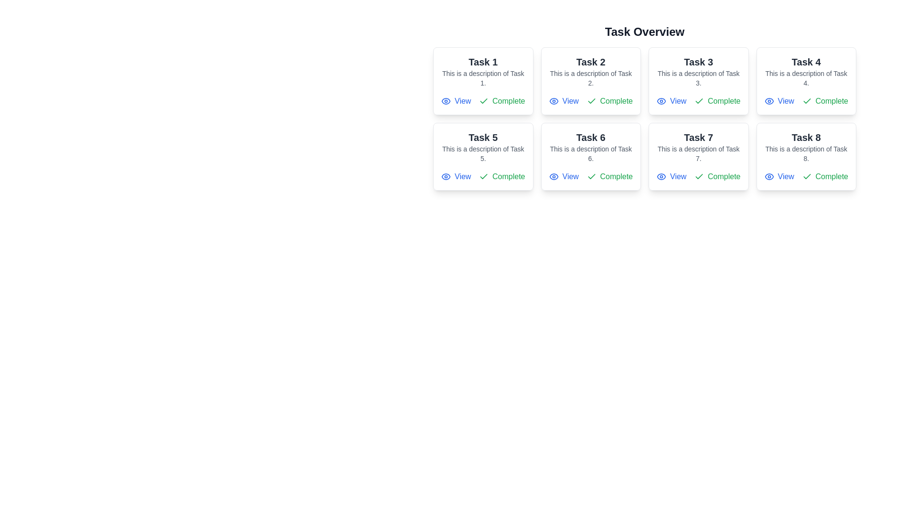 The image size is (917, 516). Describe the element at coordinates (769, 177) in the screenshot. I see `the outer elliptical line of the eye icon in the bottom middle row of the task overview grid under 'Task 8'` at that location.